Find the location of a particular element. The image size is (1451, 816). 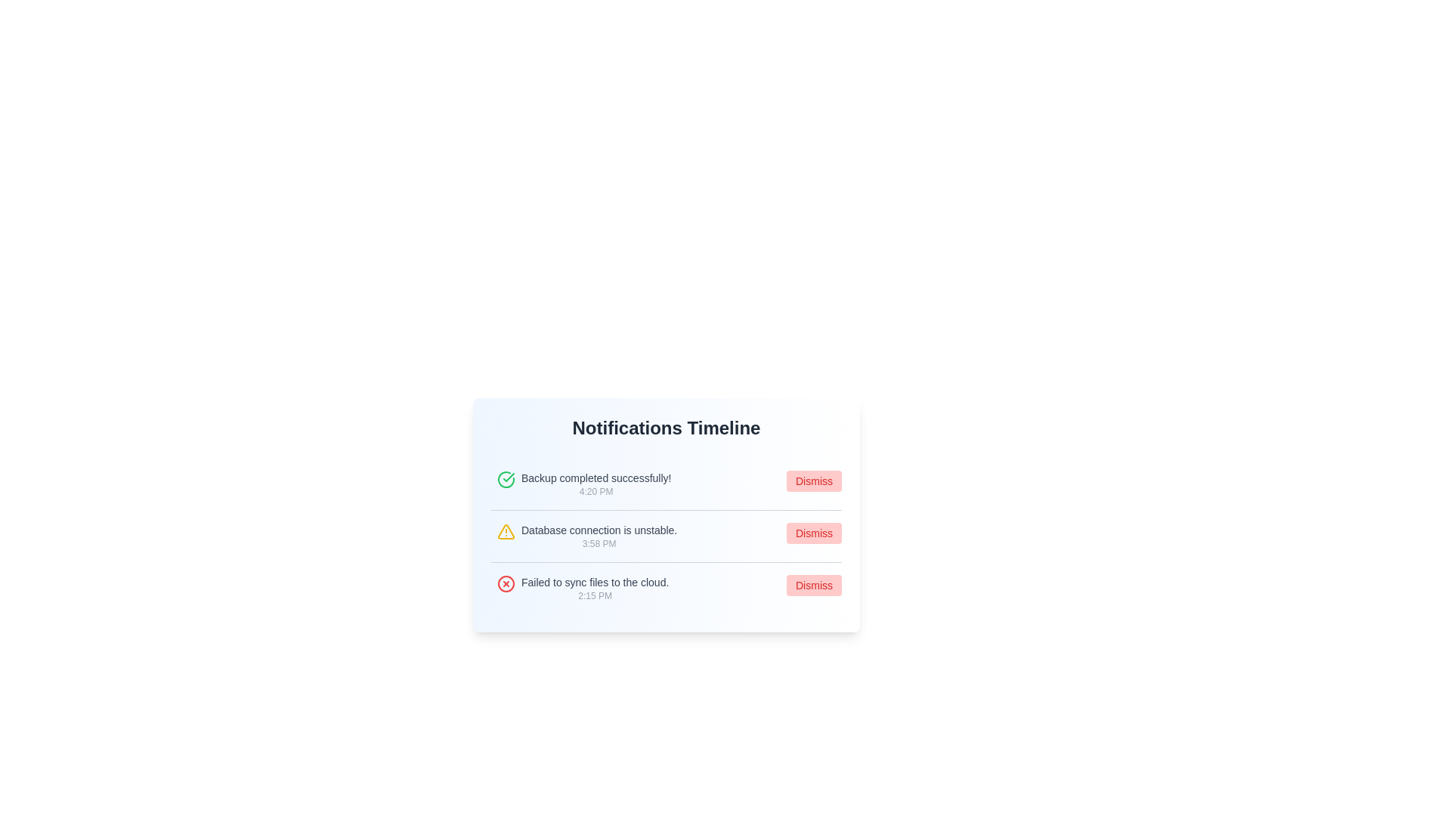

the text label that communicates the successful completion of a backup in the 'Notifications Timeline' section, which is the first item in the list is located at coordinates (596, 478).